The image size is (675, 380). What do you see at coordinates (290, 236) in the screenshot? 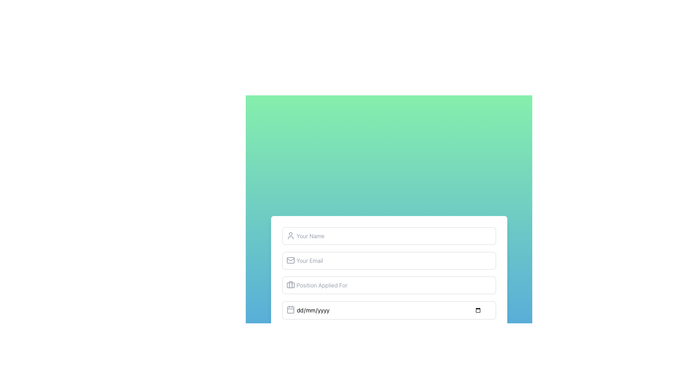
I see `the user icon, which is a small, gray line art design located in the white input field labeled 'Your Name'` at bounding box center [290, 236].